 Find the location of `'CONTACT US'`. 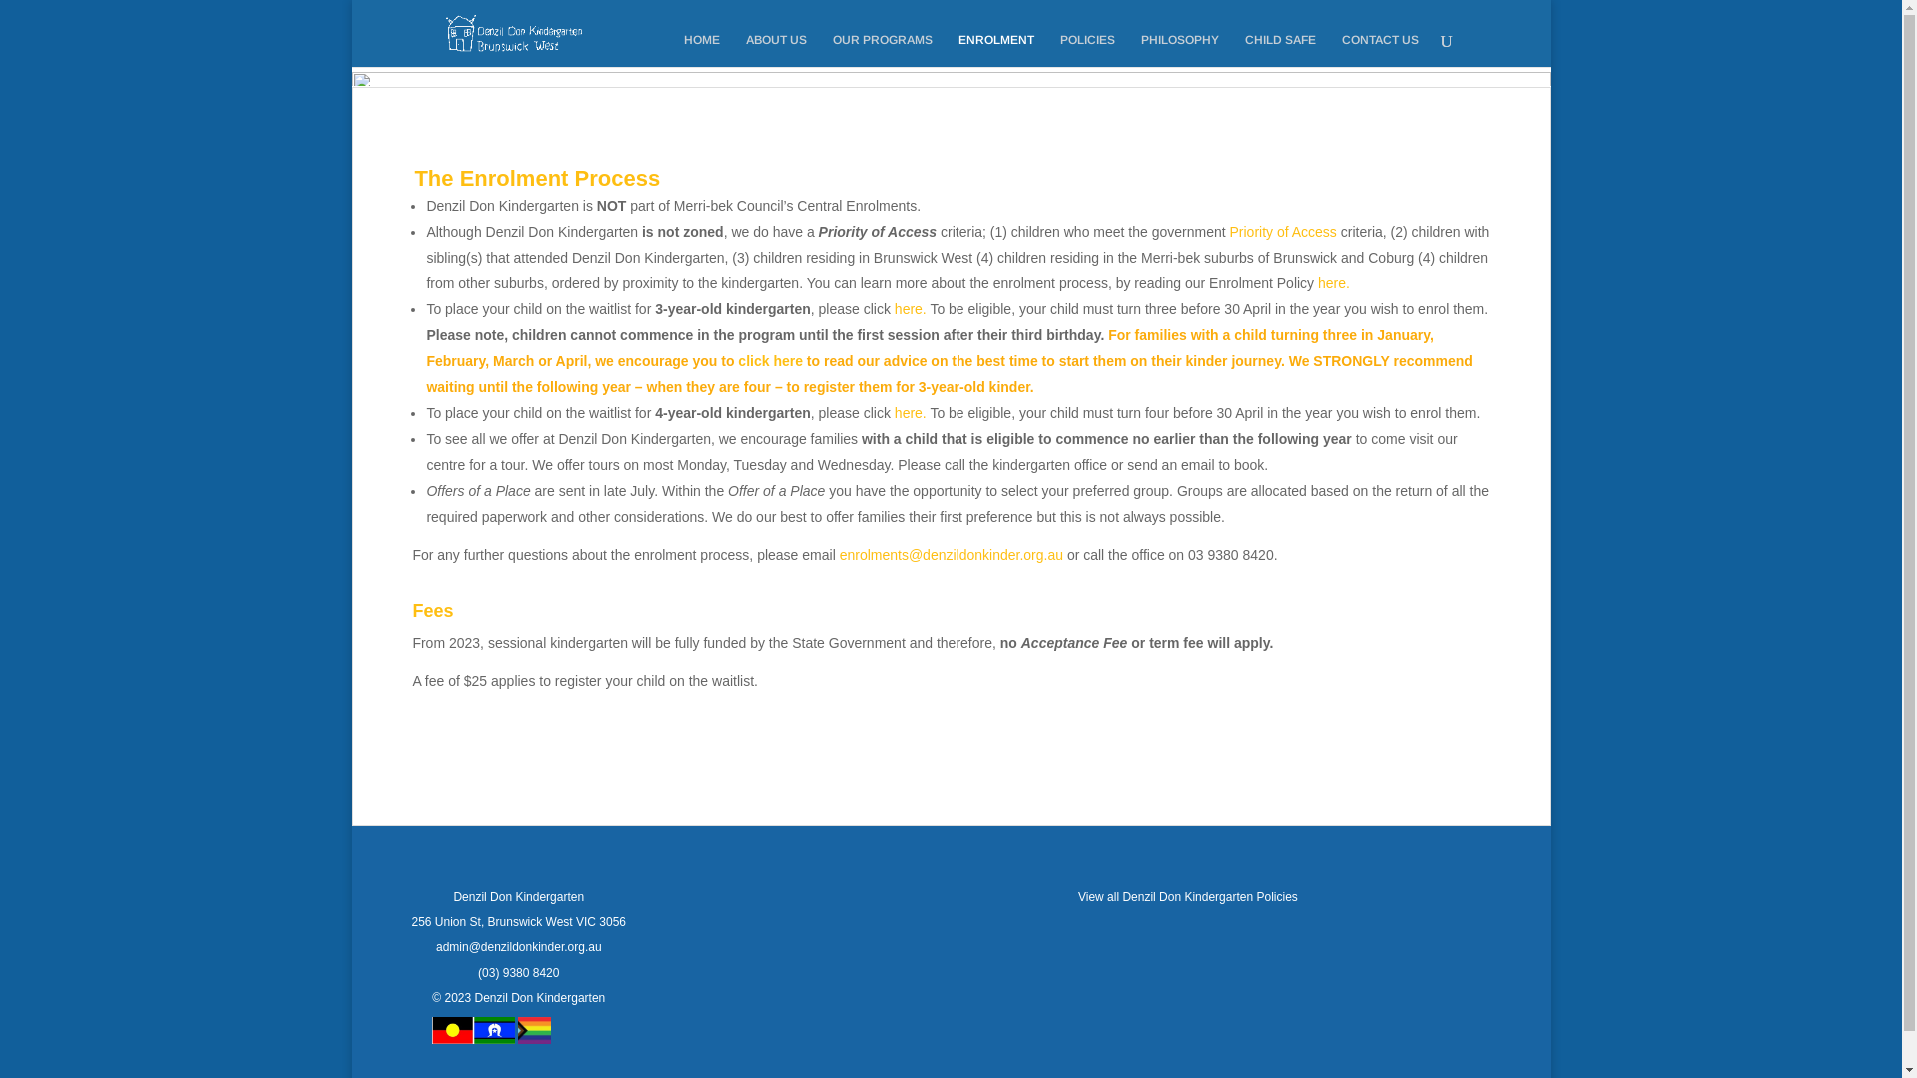

'CONTACT US' is located at coordinates (1342, 49).